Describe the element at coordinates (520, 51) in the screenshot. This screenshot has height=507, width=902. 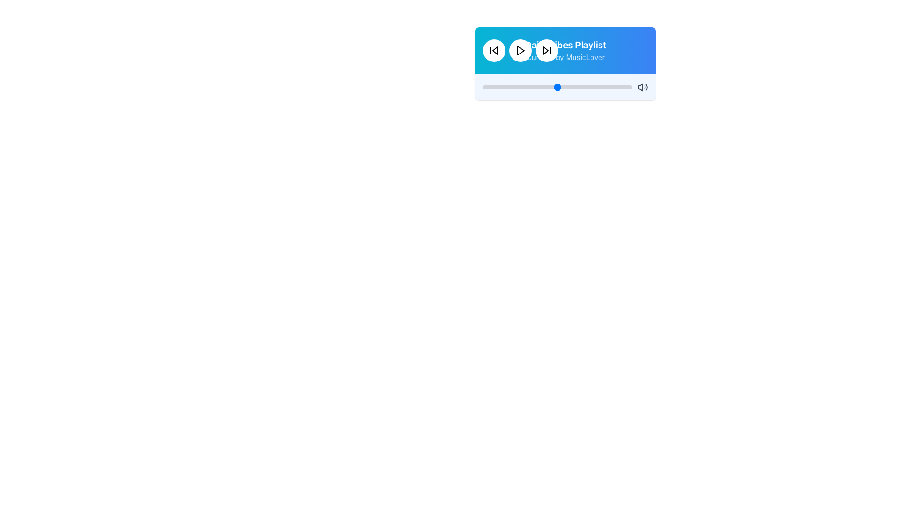
I see `the middle button in the media control bar` at that location.